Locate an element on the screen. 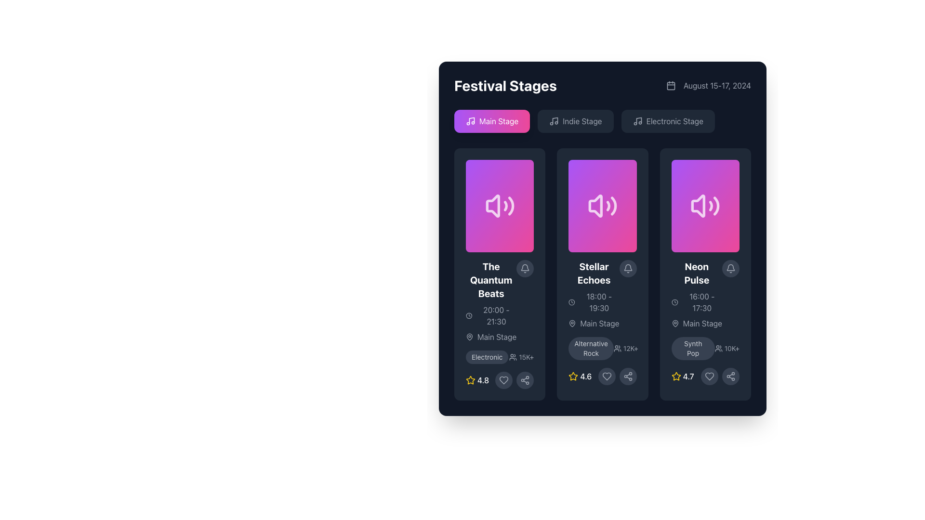 The width and height of the screenshot is (925, 520). the star icon used for ratings, which is a yellow outlined five-pointed star located adjacent to the text '4.6' in the user rating display under the 'Stellar Echoes' panel is located at coordinates (573, 376).